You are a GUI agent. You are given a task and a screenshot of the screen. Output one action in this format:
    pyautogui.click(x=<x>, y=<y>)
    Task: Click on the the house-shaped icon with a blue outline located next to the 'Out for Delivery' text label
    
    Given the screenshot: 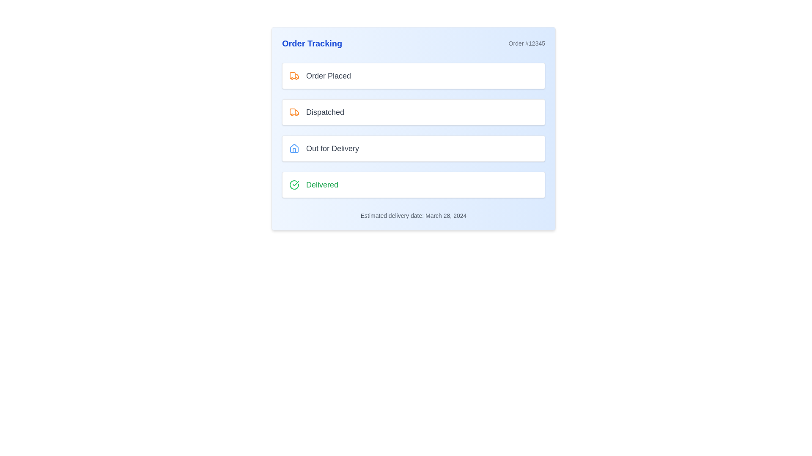 What is the action you would take?
    pyautogui.click(x=294, y=148)
    